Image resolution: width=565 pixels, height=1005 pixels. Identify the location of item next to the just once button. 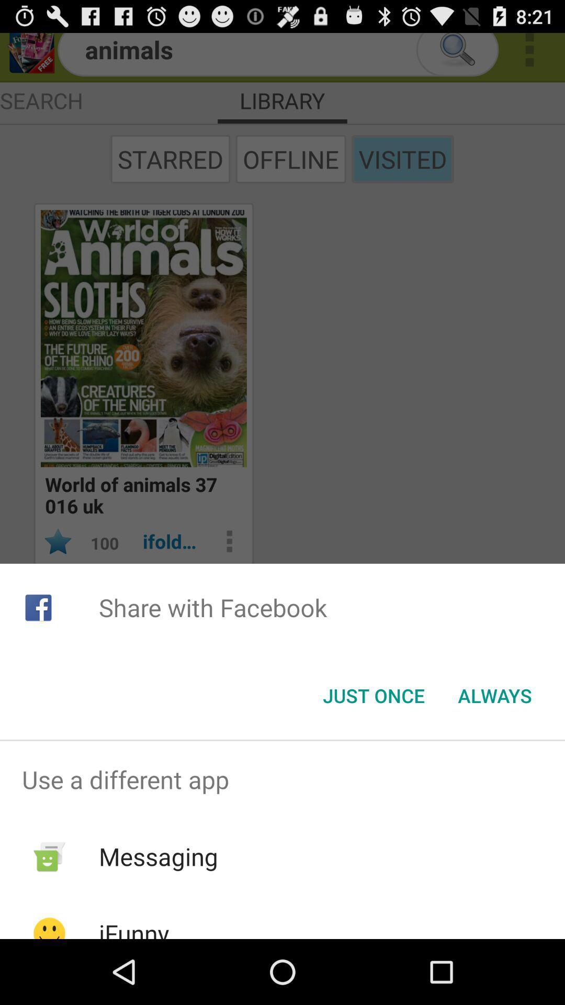
(494, 696).